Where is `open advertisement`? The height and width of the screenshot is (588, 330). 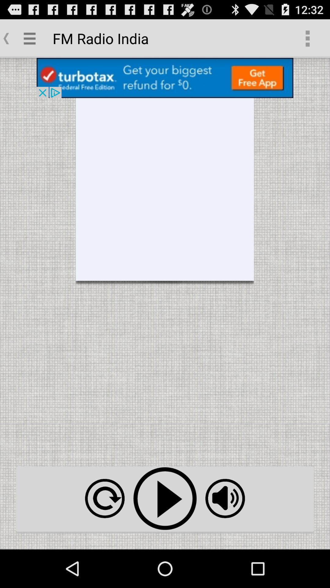 open advertisement is located at coordinates (165, 77).